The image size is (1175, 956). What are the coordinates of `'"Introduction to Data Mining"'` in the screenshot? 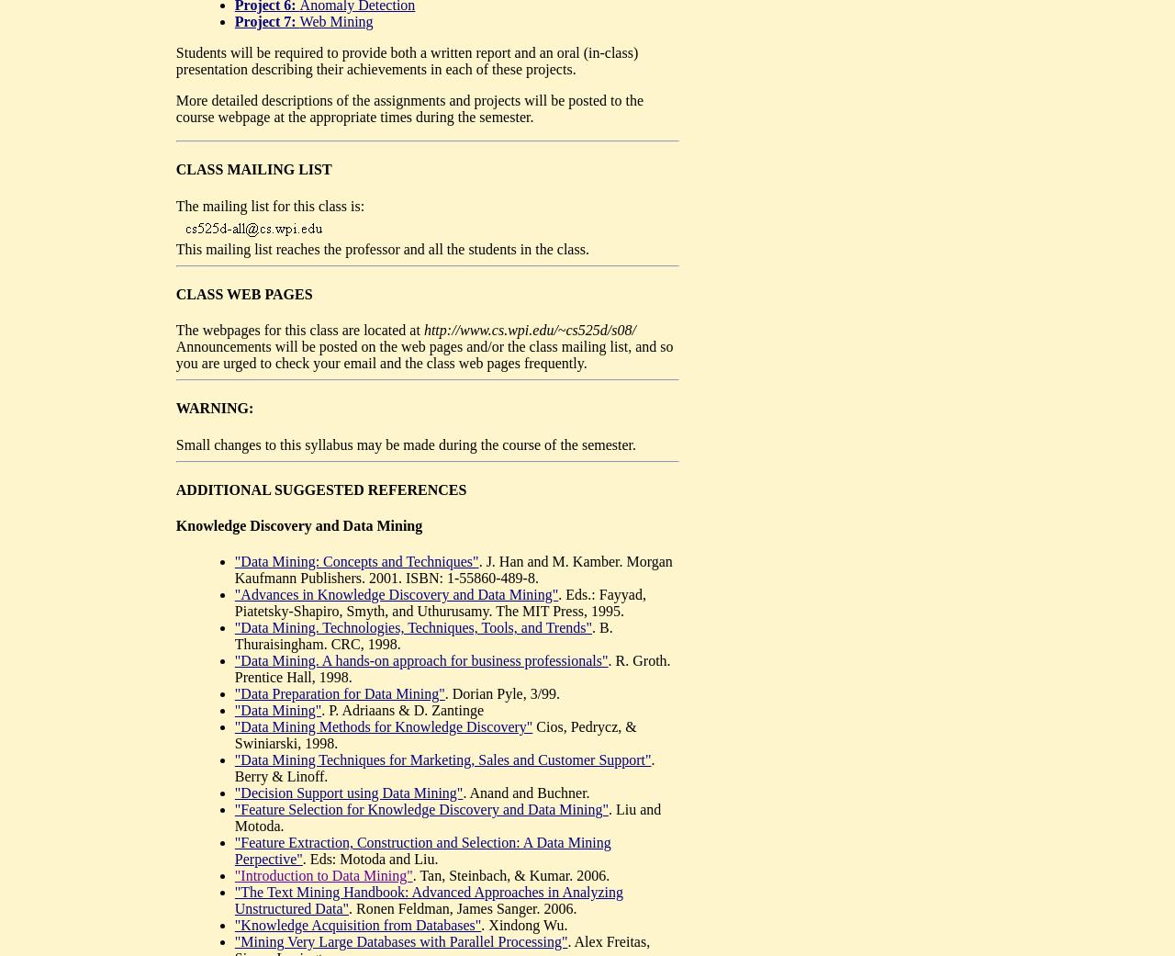 It's located at (323, 875).